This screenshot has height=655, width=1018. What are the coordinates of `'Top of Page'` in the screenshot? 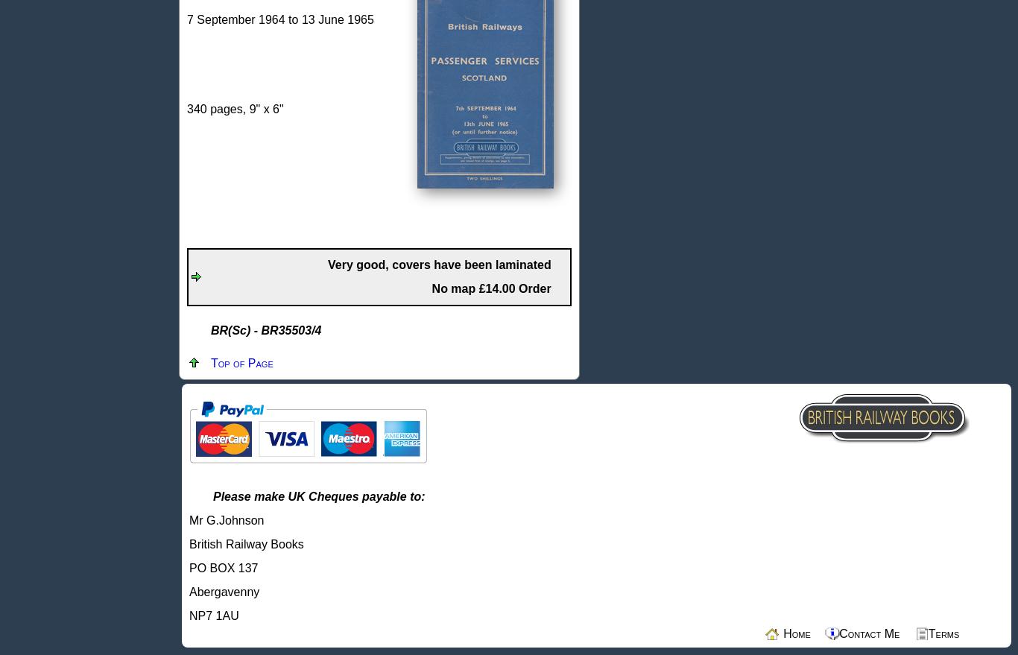 It's located at (241, 362).